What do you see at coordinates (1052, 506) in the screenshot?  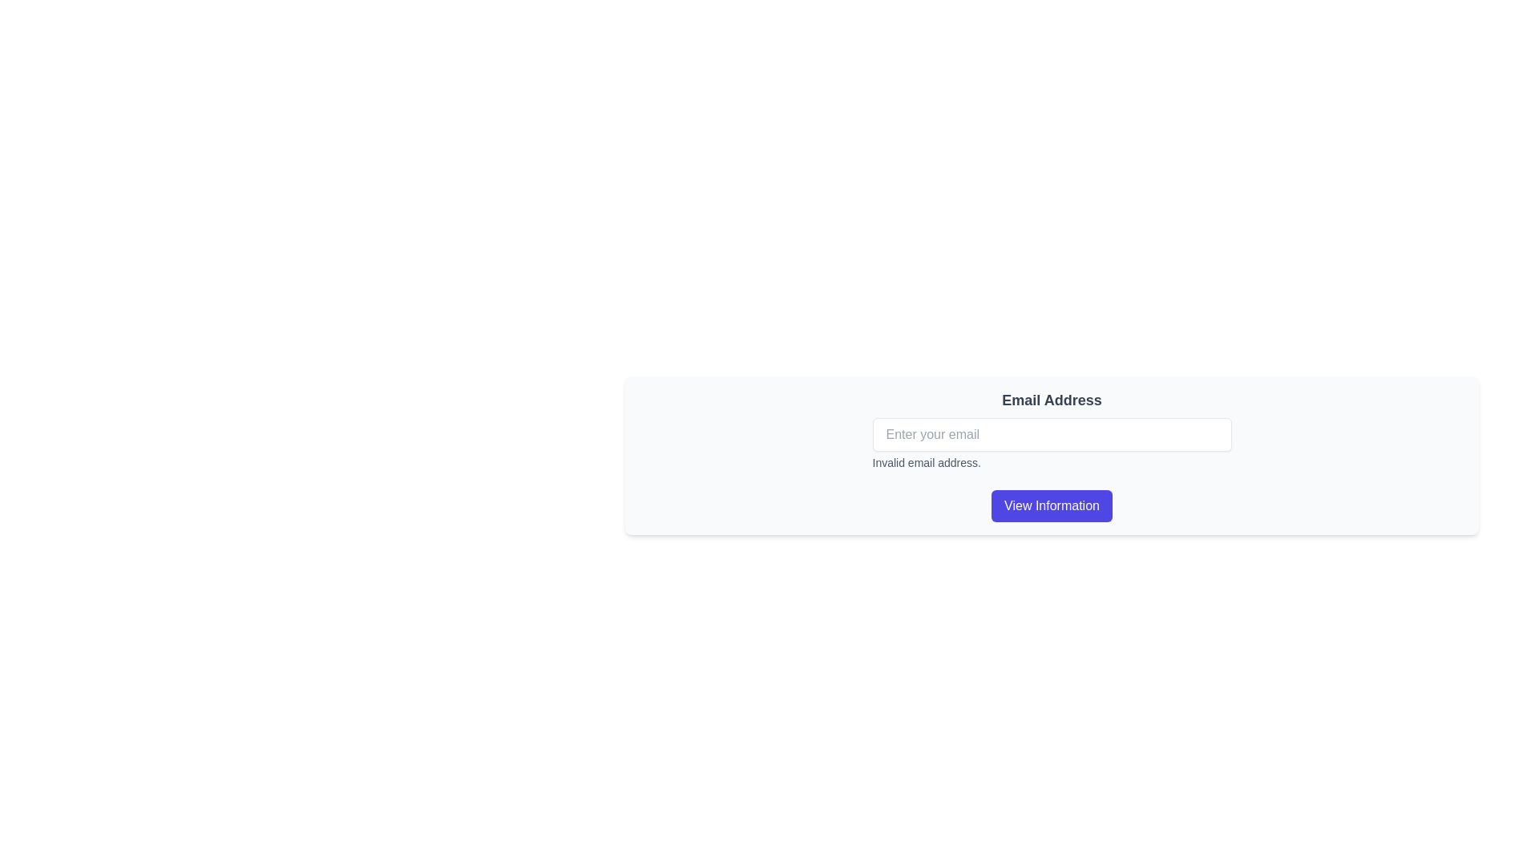 I see `the button at the bottom of the email input section to observe a background color change` at bounding box center [1052, 506].